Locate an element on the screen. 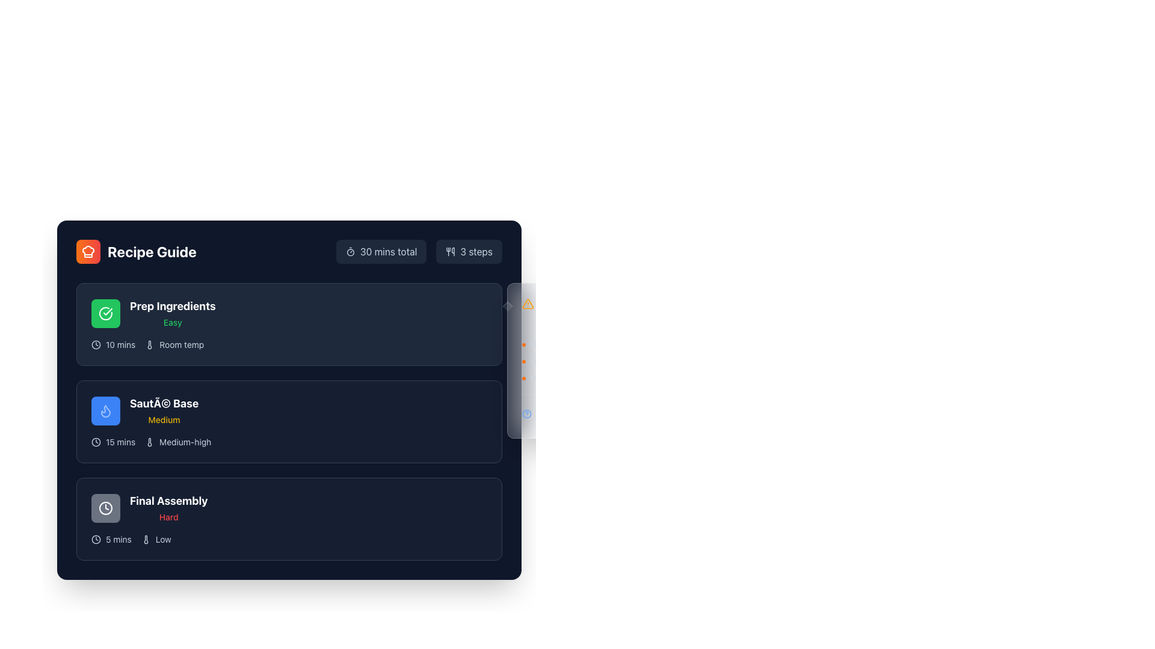 The width and height of the screenshot is (1155, 649). the label indicating the preparation time for the recipe step, located in the 'Prep Ingredients' section, to the right of the clock icon and above the 'Room temp' descriptor is located at coordinates (120, 345).